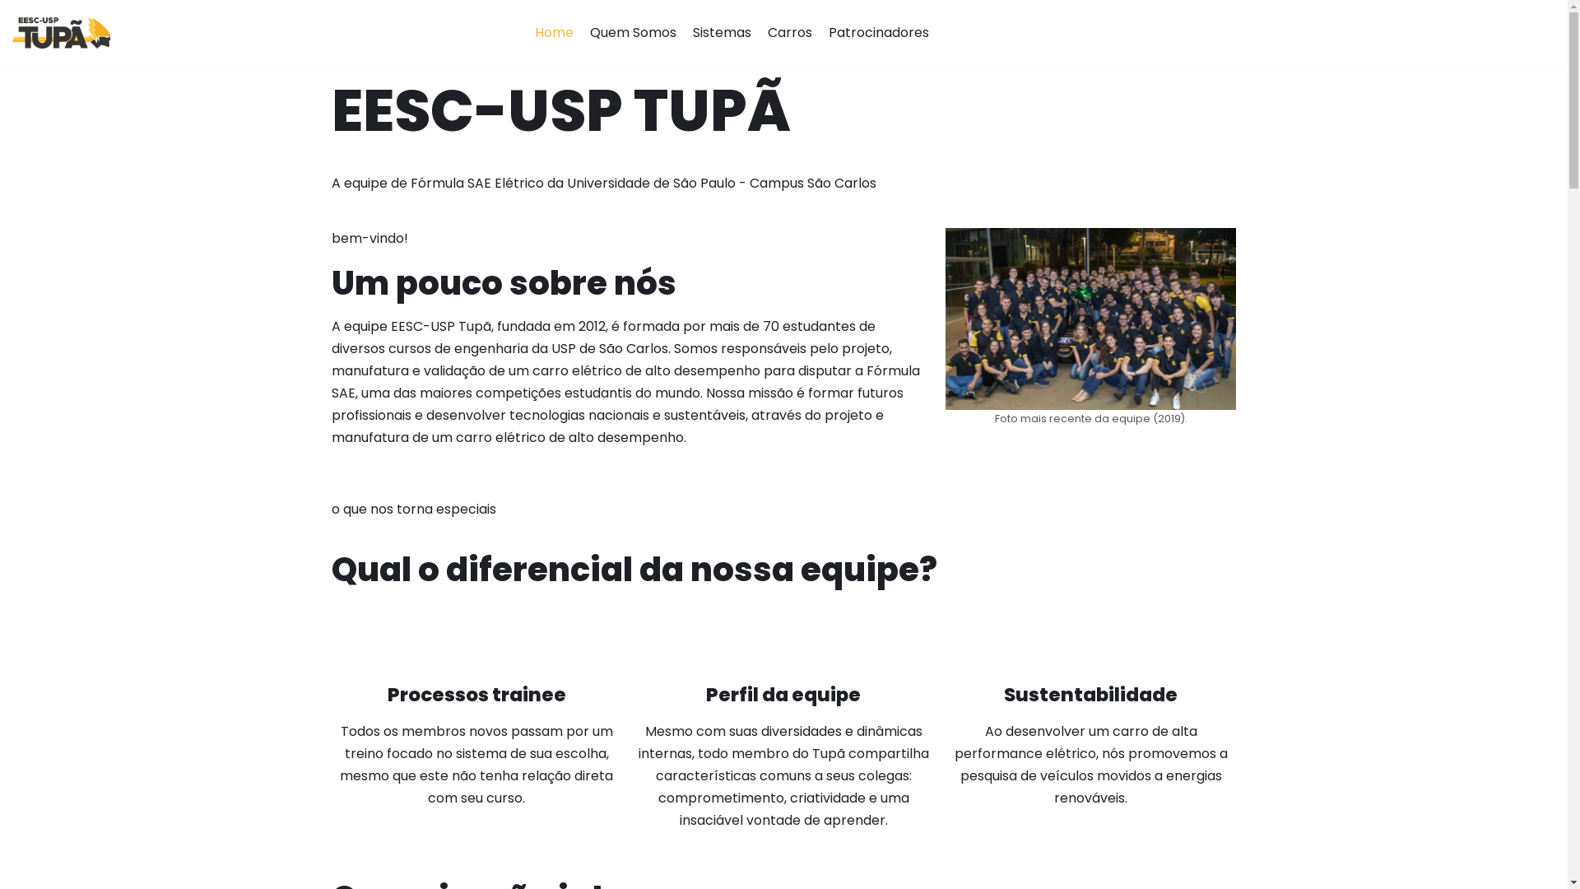  What do you see at coordinates (878, 32) in the screenshot?
I see `'Patrocinadores'` at bounding box center [878, 32].